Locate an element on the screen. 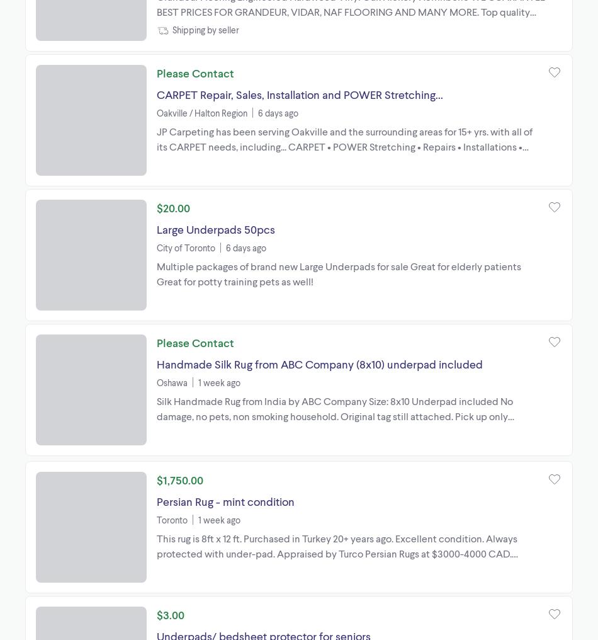 Image resolution: width=598 pixels, height=640 pixels. 'Persian Rug - mint condition' is located at coordinates (225, 500).